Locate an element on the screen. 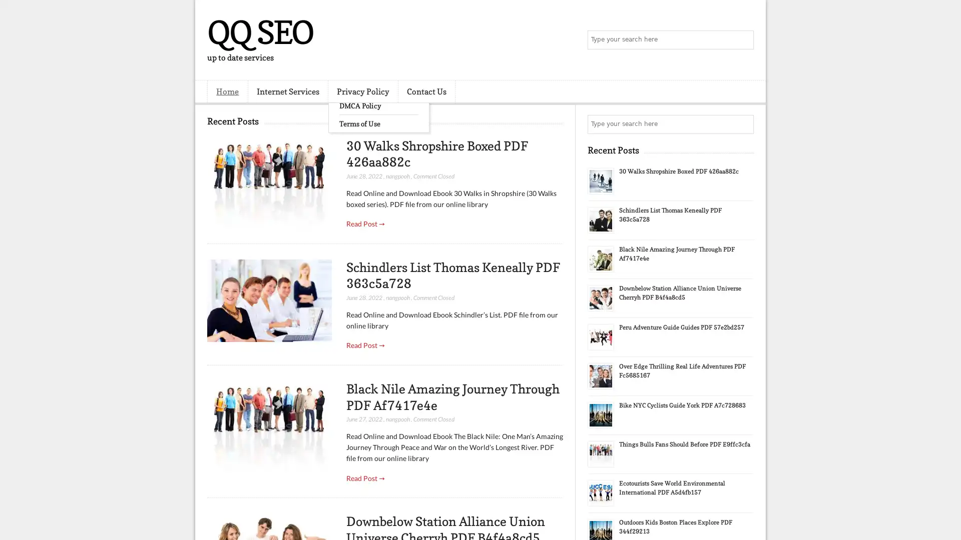 This screenshot has width=961, height=540. Search is located at coordinates (743, 124).